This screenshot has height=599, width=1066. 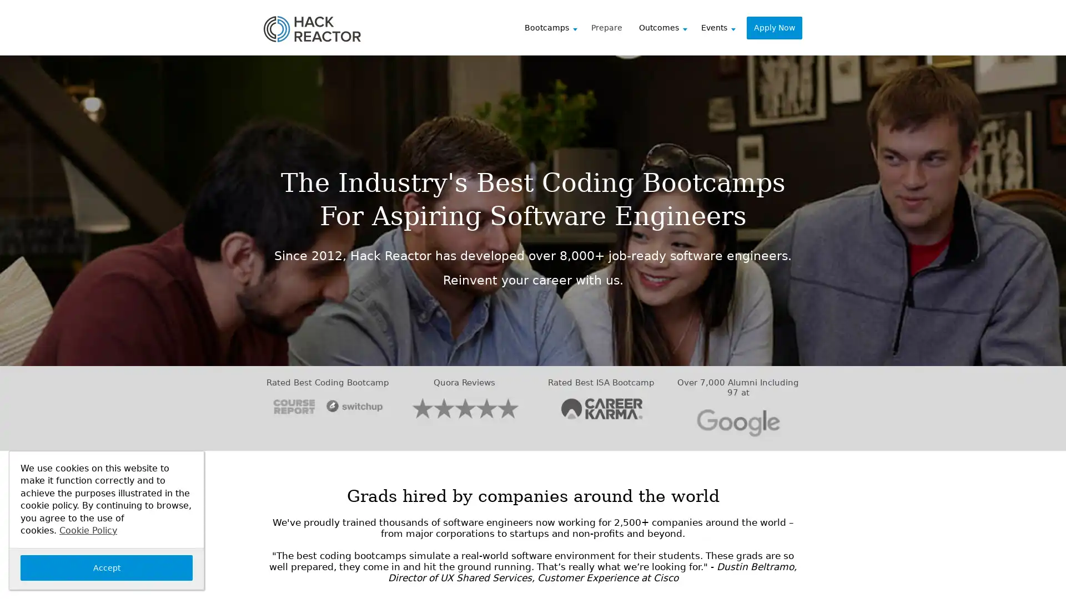 I want to click on learn more about cookies, so click(x=87, y=529).